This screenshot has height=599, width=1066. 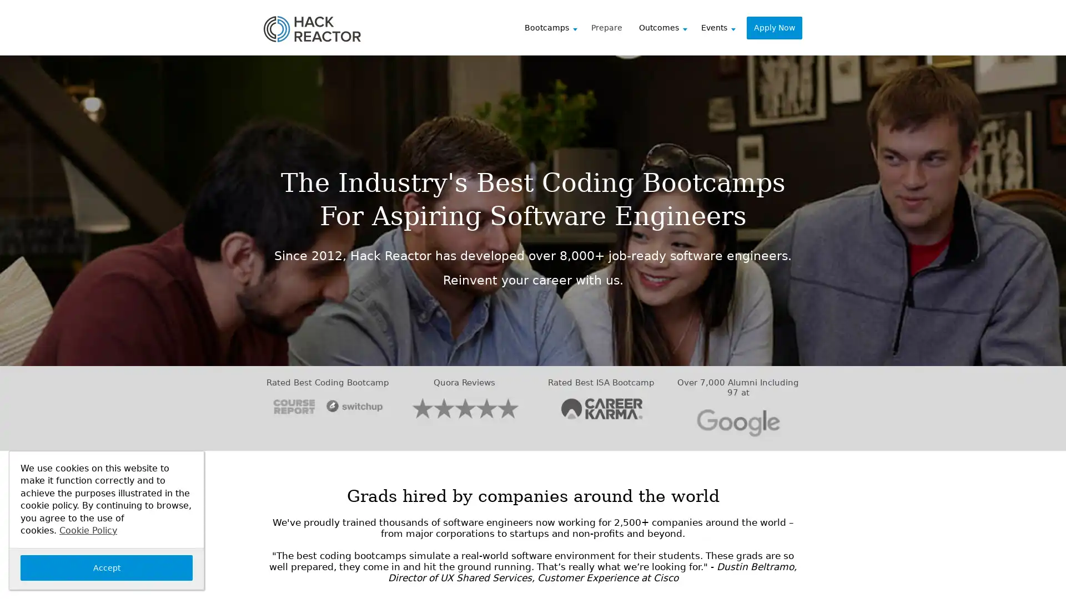 I want to click on learn more about cookies, so click(x=87, y=529).